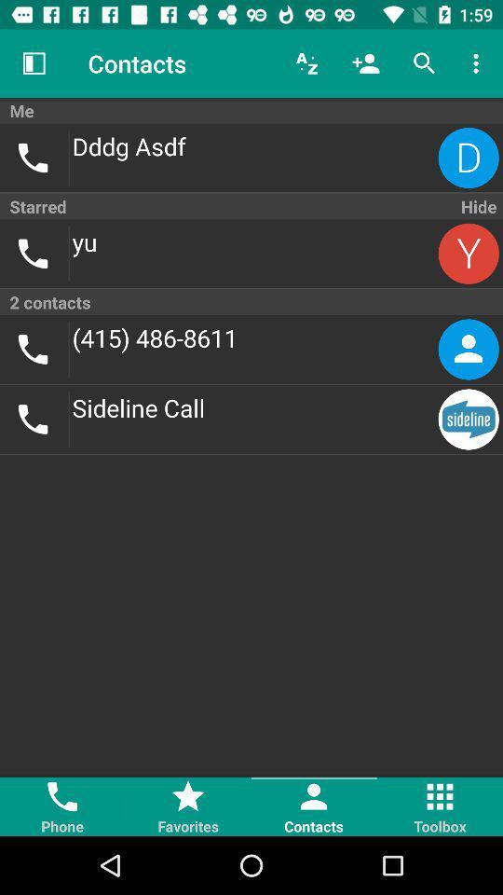 The height and width of the screenshot is (895, 503). Describe the element at coordinates (478, 63) in the screenshot. I see `the item above the me item` at that location.